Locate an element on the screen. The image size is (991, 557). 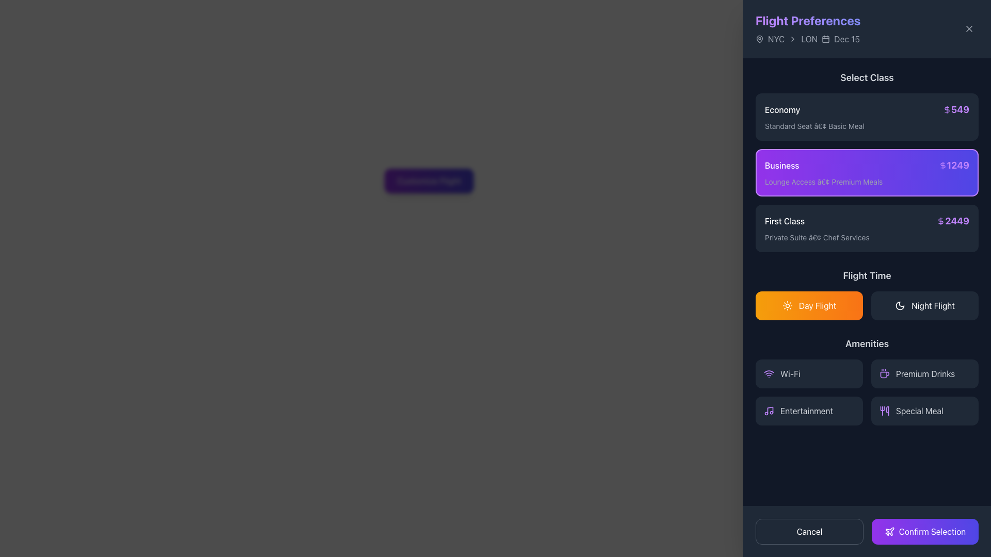
the static text label displaying the date 'Dec 15', which is positioned towards the right within the header section of the interface, adjacent to a calendar icon is located at coordinates (847, 39).